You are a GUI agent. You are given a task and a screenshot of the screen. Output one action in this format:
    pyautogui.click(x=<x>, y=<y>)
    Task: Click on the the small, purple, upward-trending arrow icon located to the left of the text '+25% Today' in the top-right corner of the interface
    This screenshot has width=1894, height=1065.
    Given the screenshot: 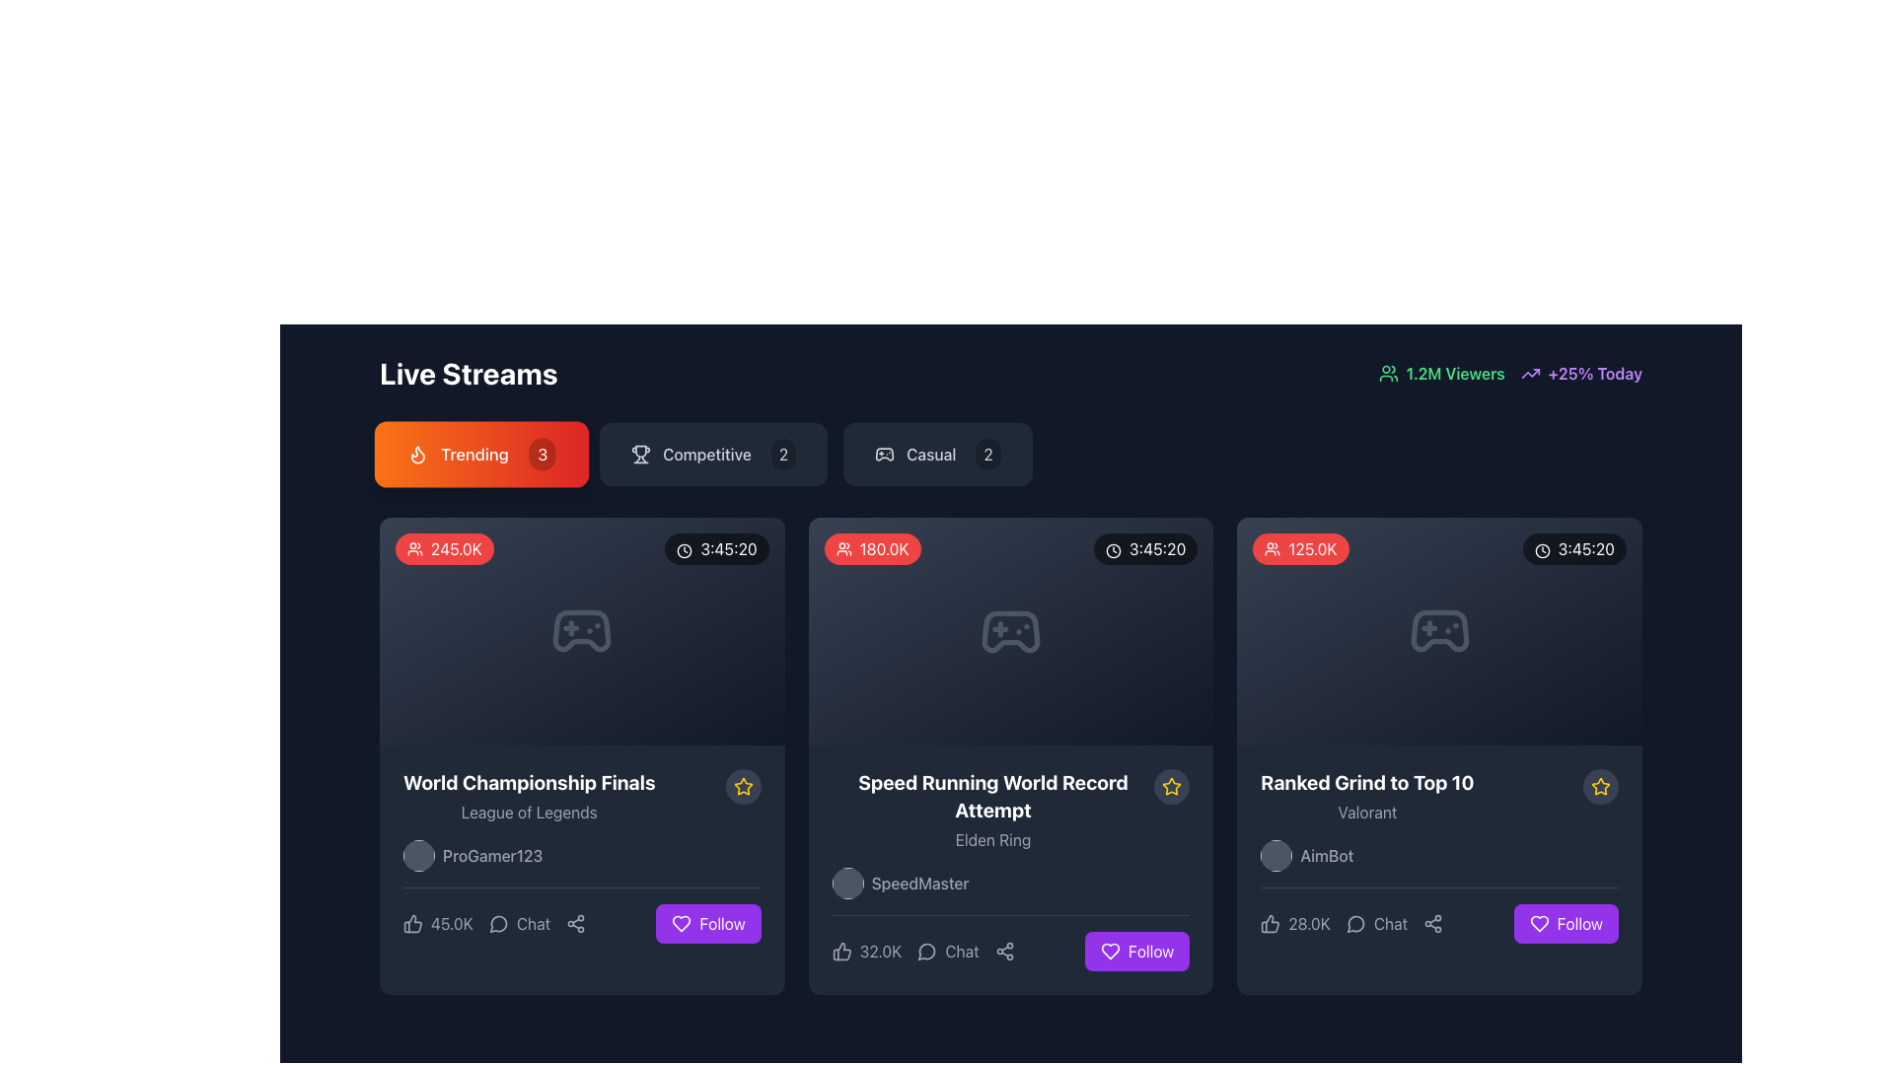 What is the action you would take?
    pyautogui.click(x=1529, y=373)
    